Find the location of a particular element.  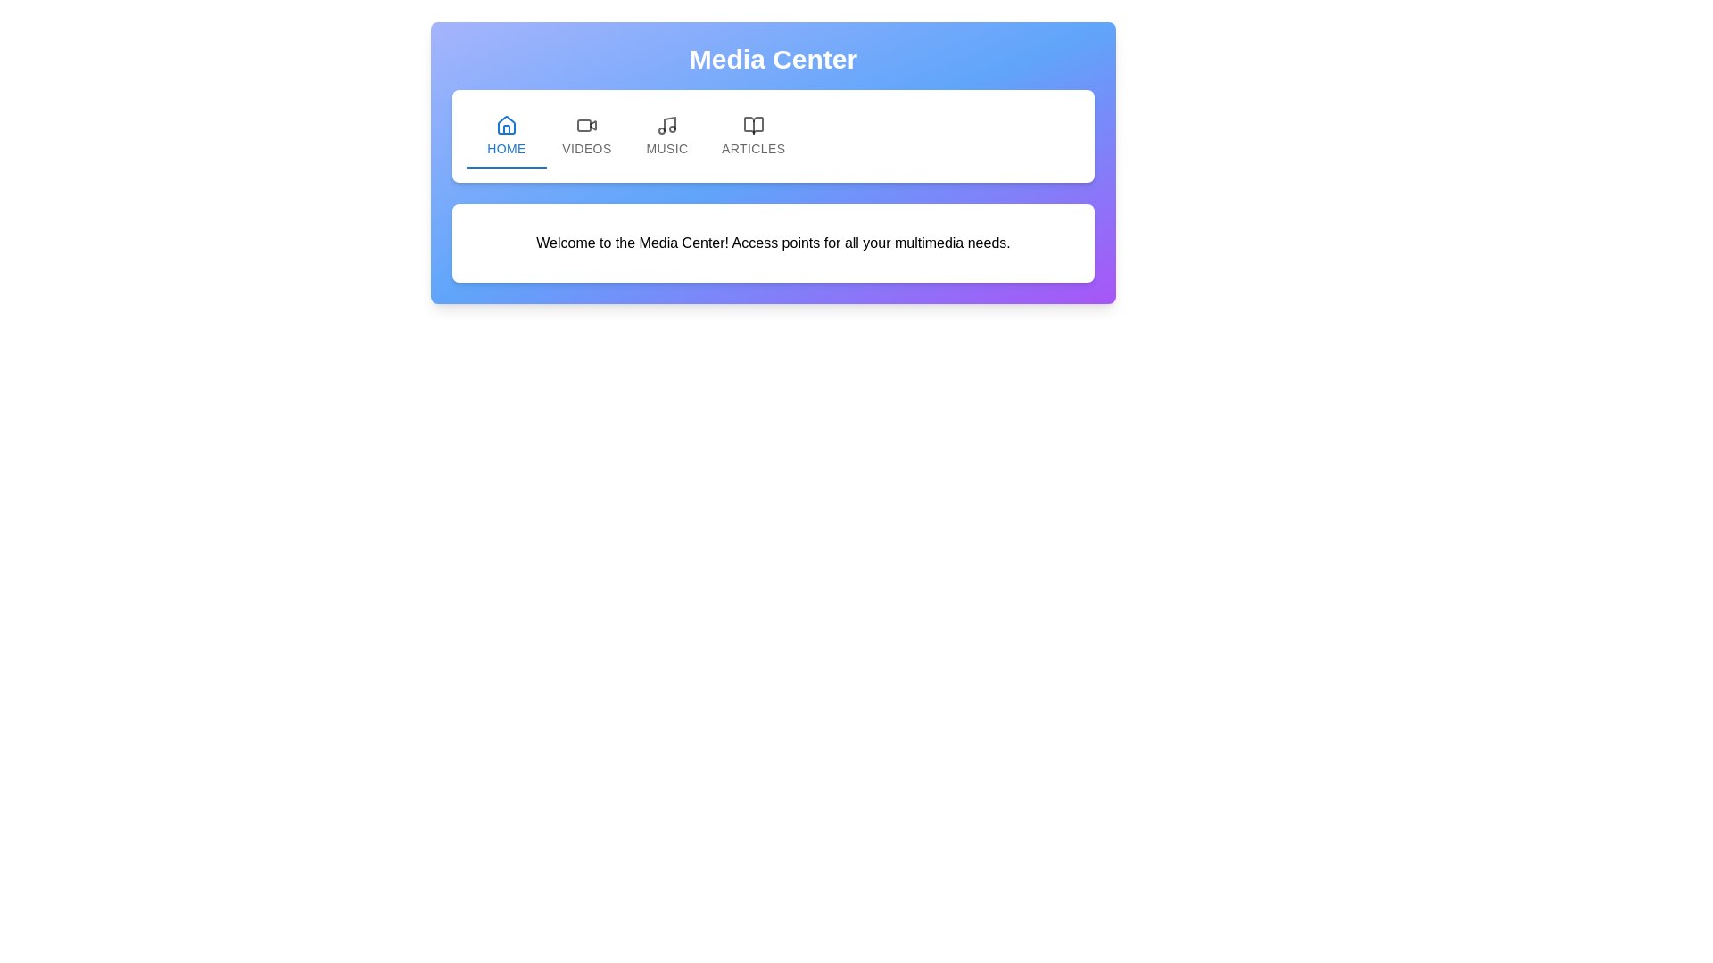

the 'Home' icon represented by a vertical rectangle within the house-shaped SVG graphic located in the upper central area of the navigation bar is located at coordinates (505, 128).